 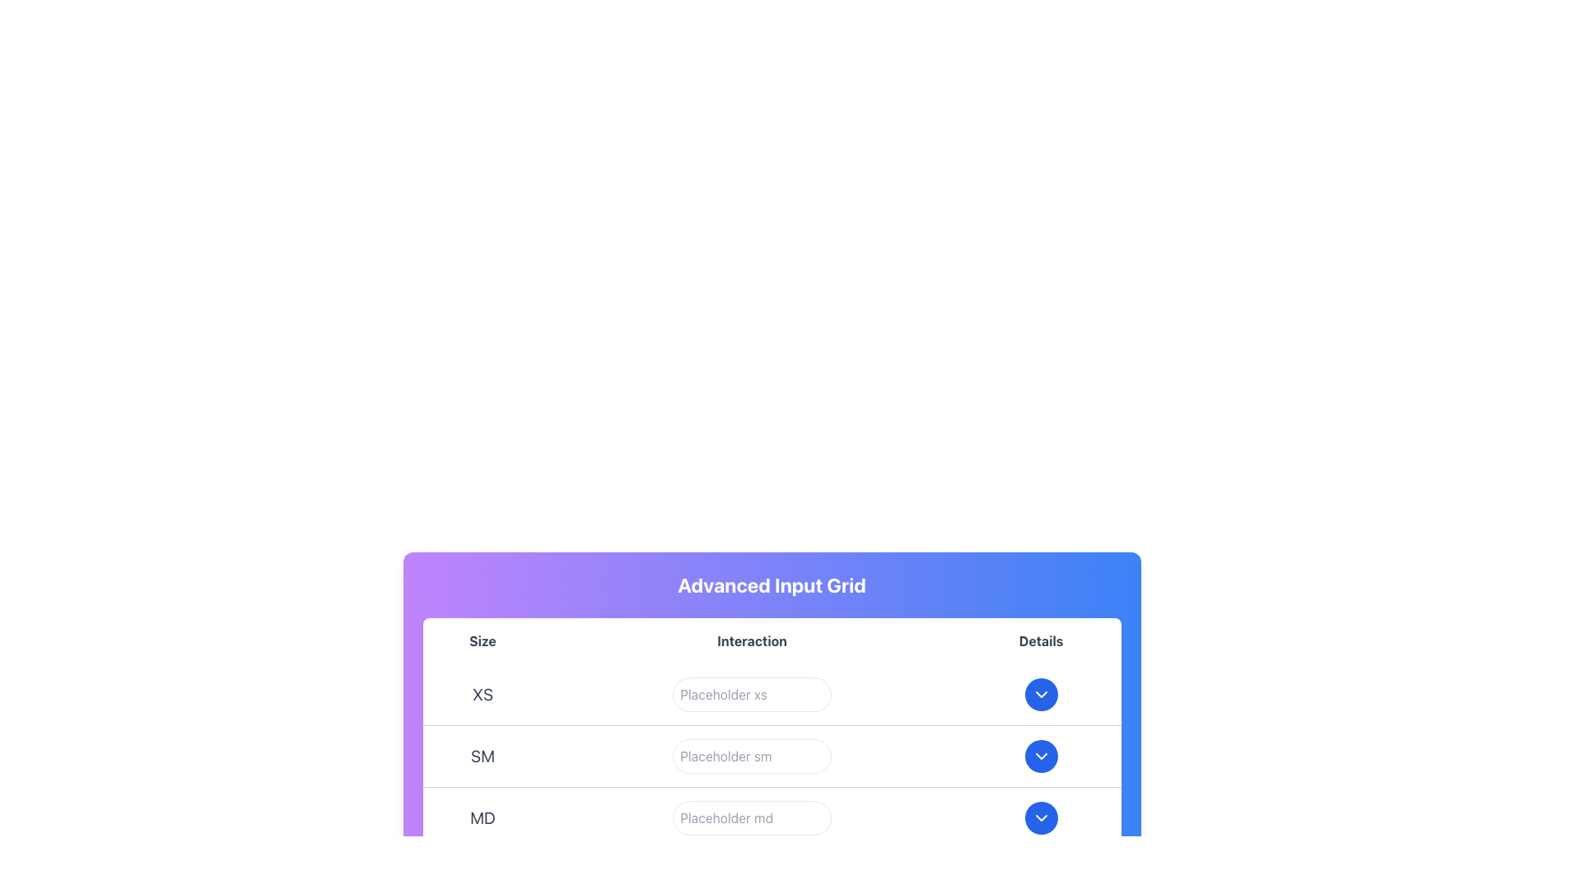 What do you see at coordinates (751, 695) in the screenshot?
I see `the text input field located in the 'Interaction' column of the table, corresponding to the 'XS' row, to focus on it` at bounding box center [751, 695].